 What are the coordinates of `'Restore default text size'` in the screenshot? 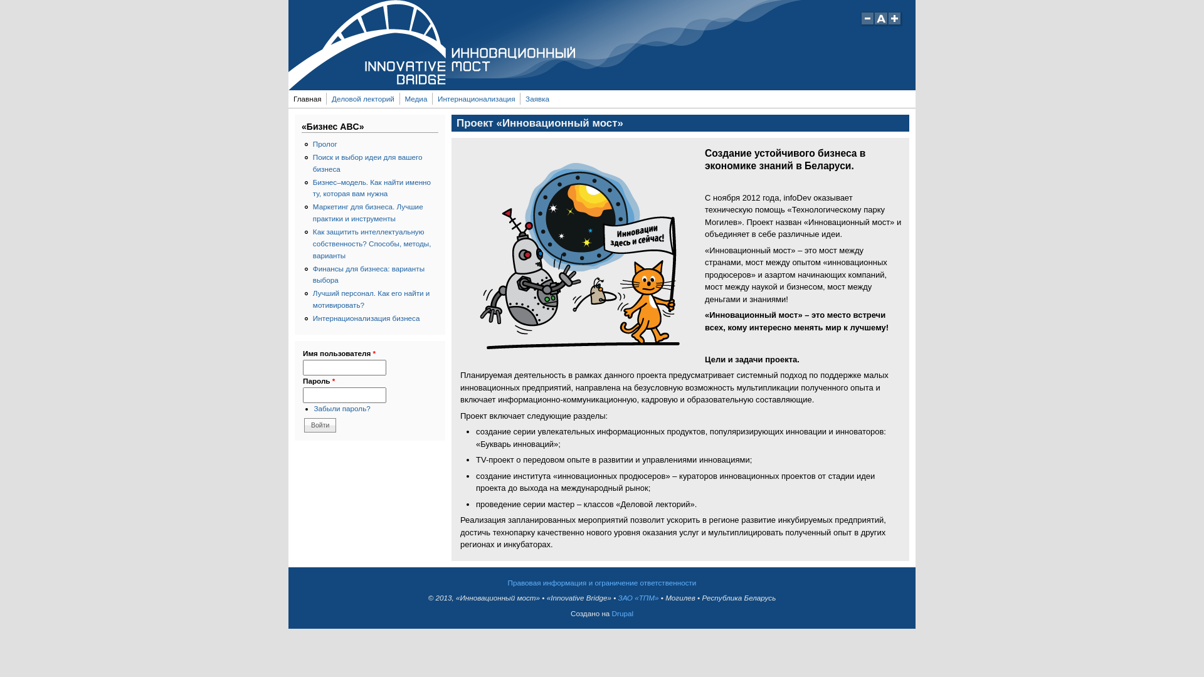 It's located at (880, 24).